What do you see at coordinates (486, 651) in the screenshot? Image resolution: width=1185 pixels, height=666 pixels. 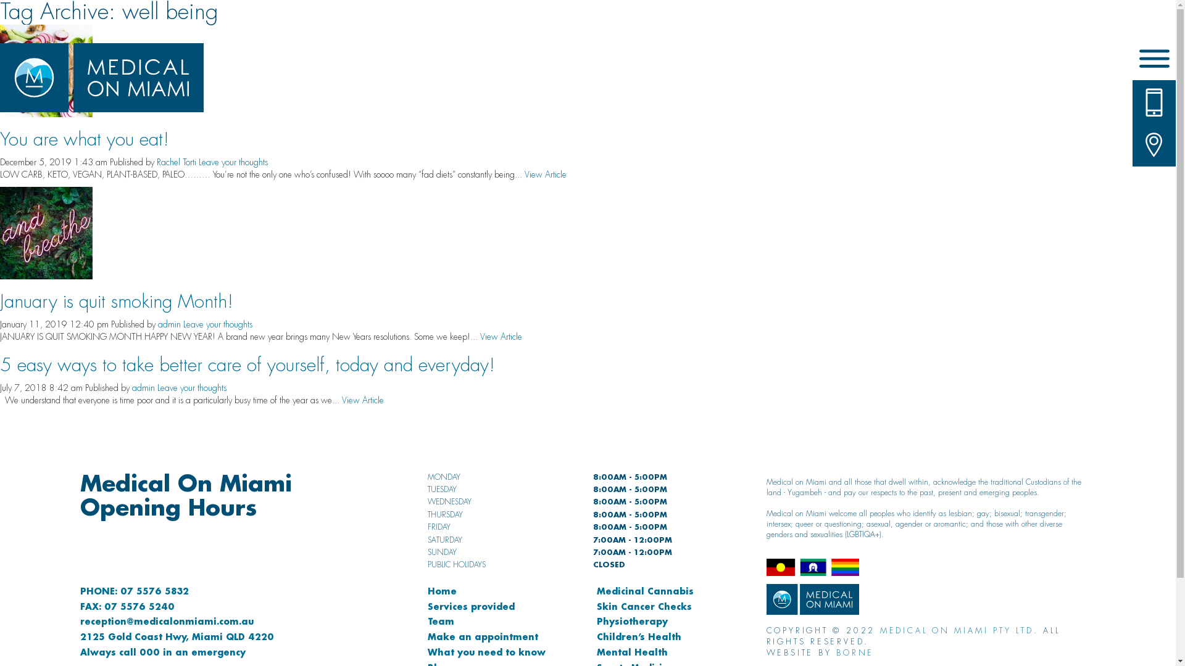 I see `'What you need to know'` at bounding box center [486, 651].